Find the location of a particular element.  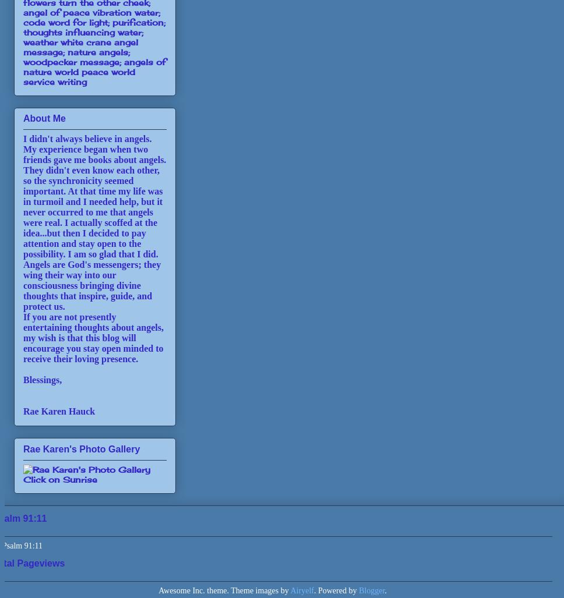

'Rae Karen's Photo Gallery' is located at coordinates (80, 448).